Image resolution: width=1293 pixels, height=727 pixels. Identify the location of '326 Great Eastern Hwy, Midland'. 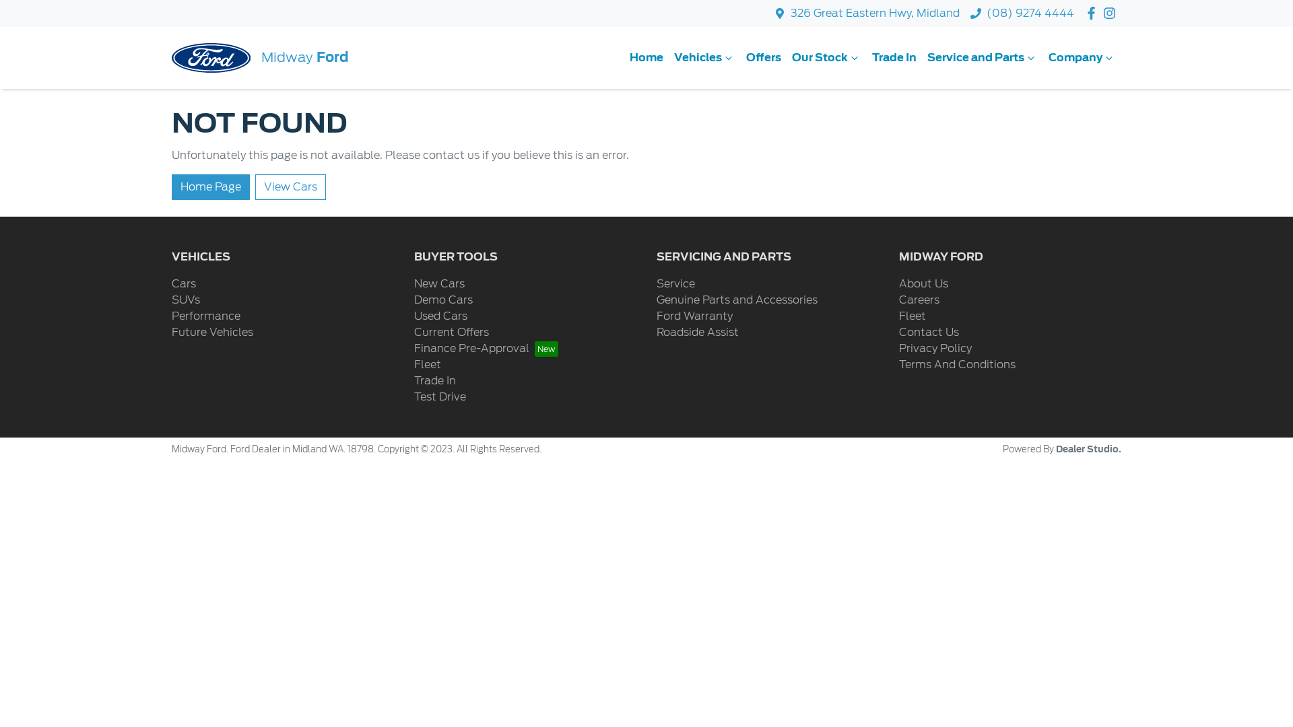
(875, 13).